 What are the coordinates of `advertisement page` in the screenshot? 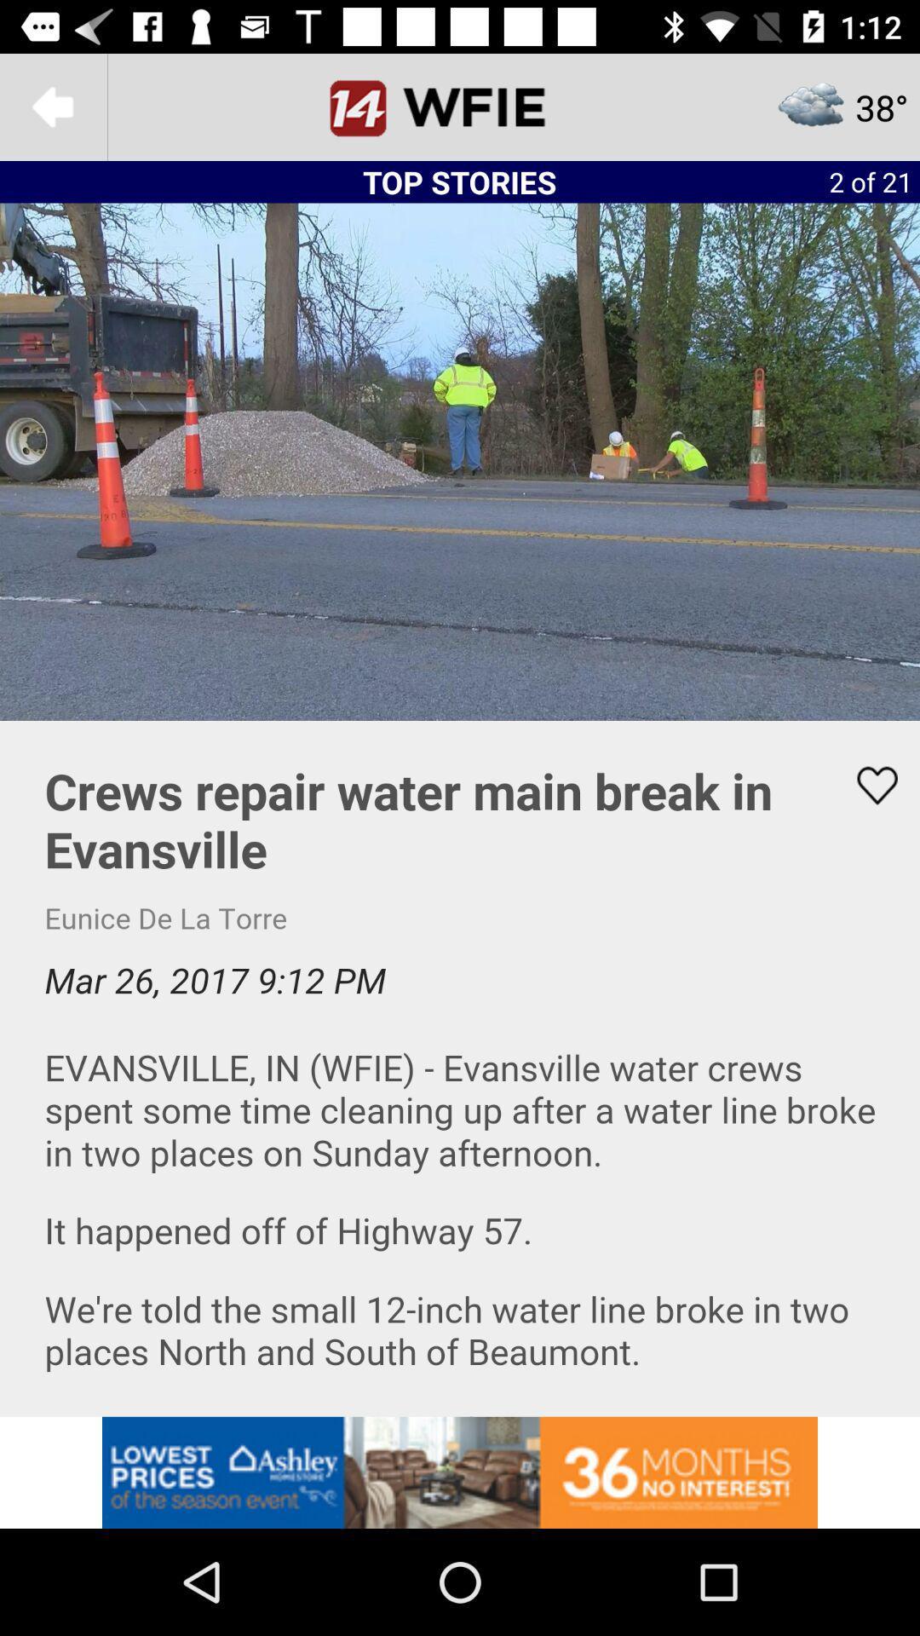 It's located at (460, 1068).